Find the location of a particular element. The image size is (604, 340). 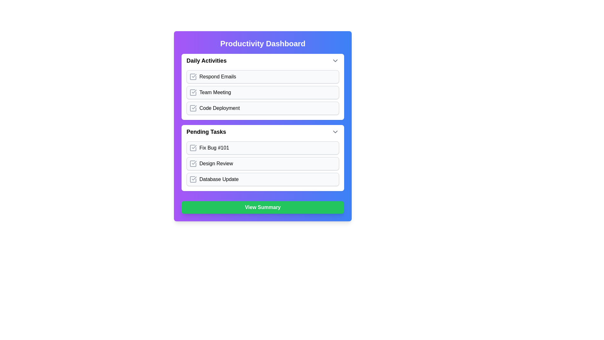

the checkbox icon representing a checkmark within a square box located to the left of the 'Respond Emails' text in the 'Daily Activities' section, as it may be interactive is located at coordinates (193, 76).